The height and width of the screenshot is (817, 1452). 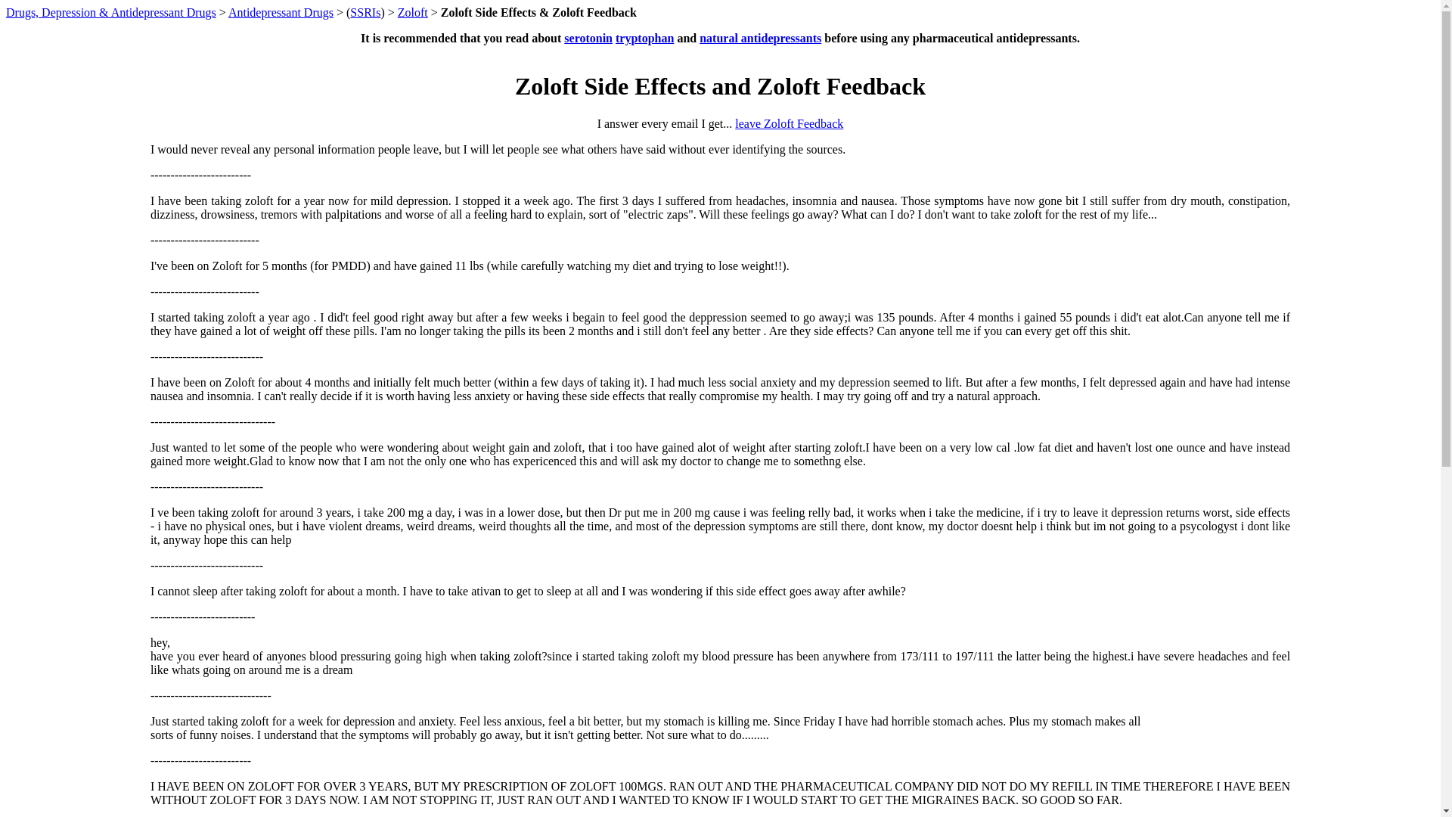 I want to click on 'natural antidepressants', so click(x=760, y=37).